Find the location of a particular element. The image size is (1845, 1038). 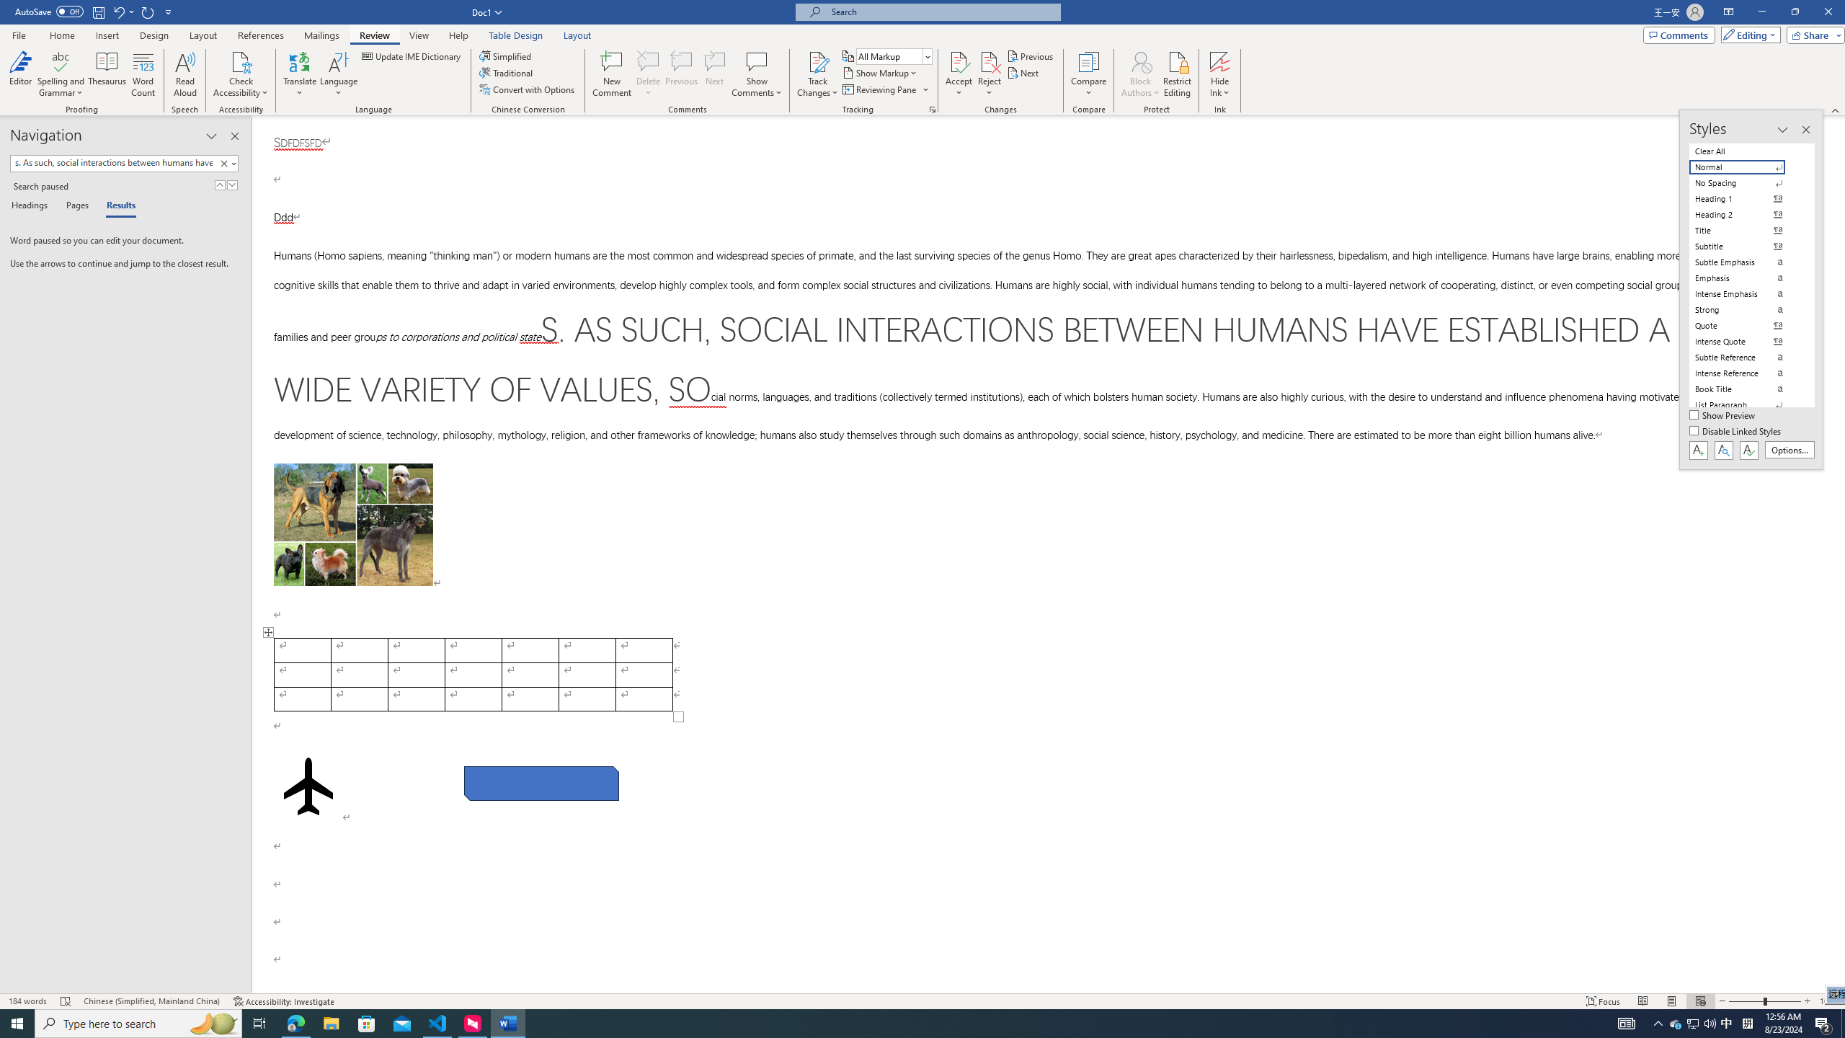

'New Comment' is located at coordinates (610, 74).